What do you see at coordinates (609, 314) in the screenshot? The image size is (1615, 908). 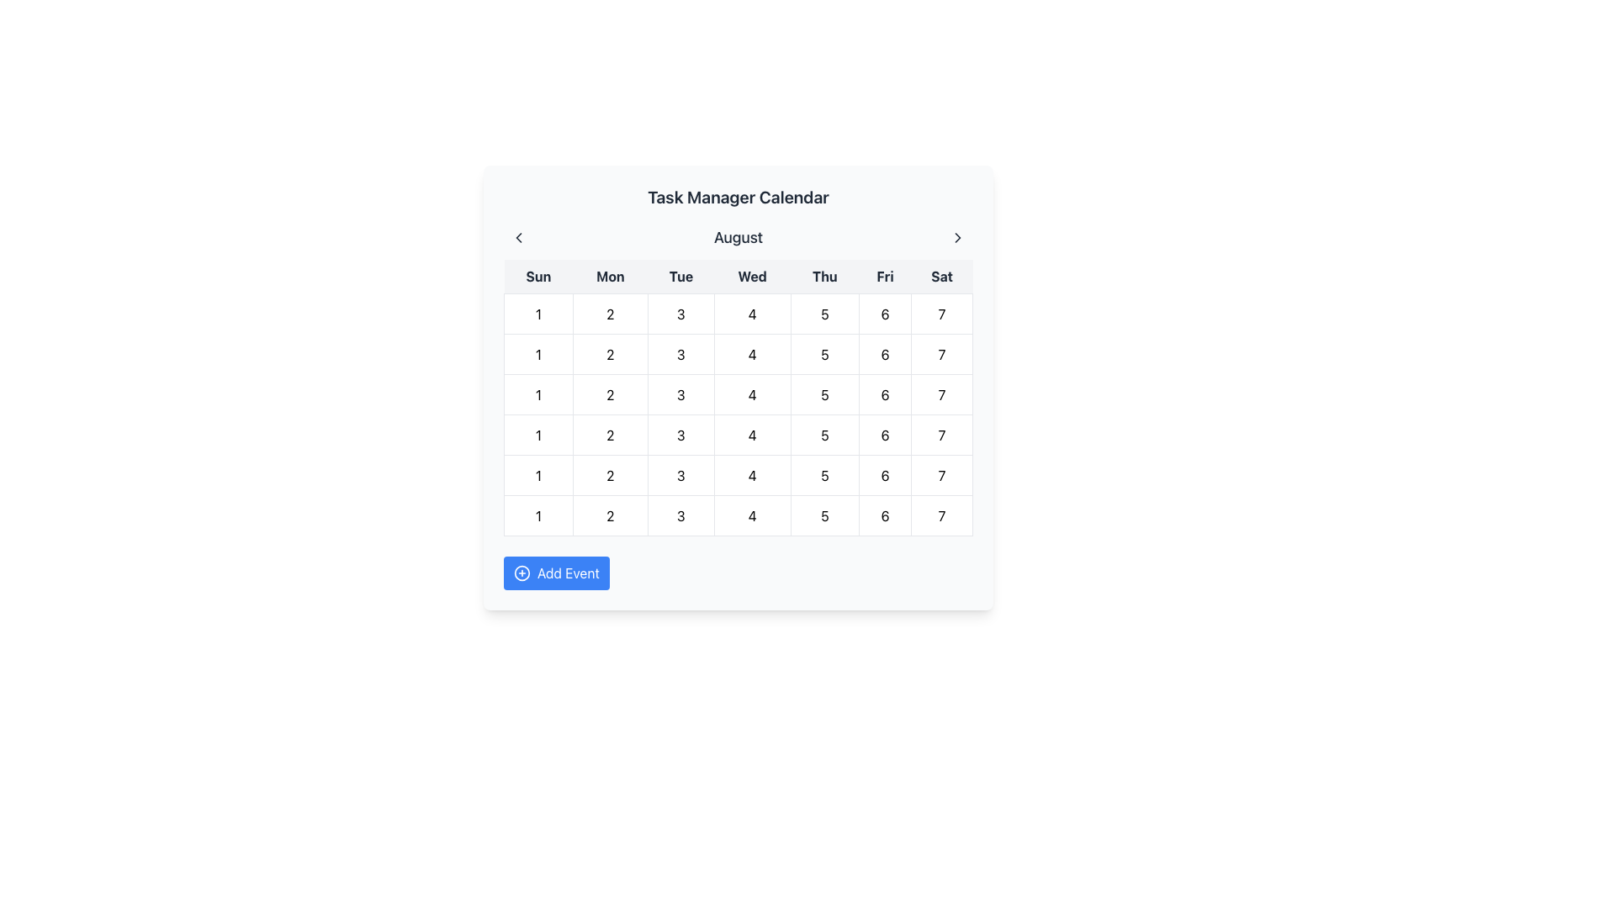 I see `the Text Display Box representing the second day of the calendar` at bounding box center [609, 314].